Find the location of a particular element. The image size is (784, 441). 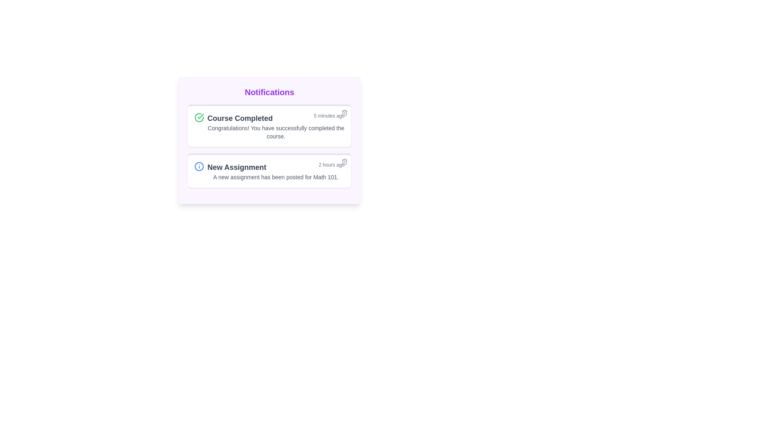

timestamp information from the Text label located in the 'New Assignment' notification block, which is aligned to the right edge and positioned above the notification's description is located at coordinates (332, 167).